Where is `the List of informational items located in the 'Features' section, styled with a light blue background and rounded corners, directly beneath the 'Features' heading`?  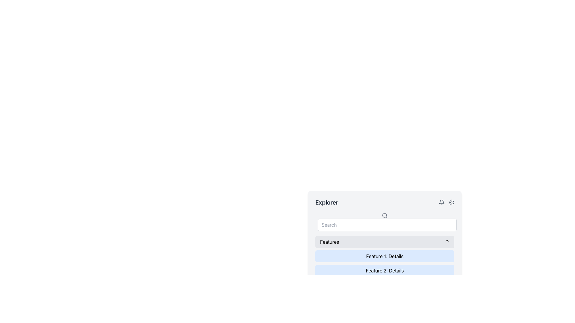 the List of informational items located in the 'Features' section, styled with a light blue background and rounded corners, directly beneath the 'Features' heading is located at coordinates (385, 271).